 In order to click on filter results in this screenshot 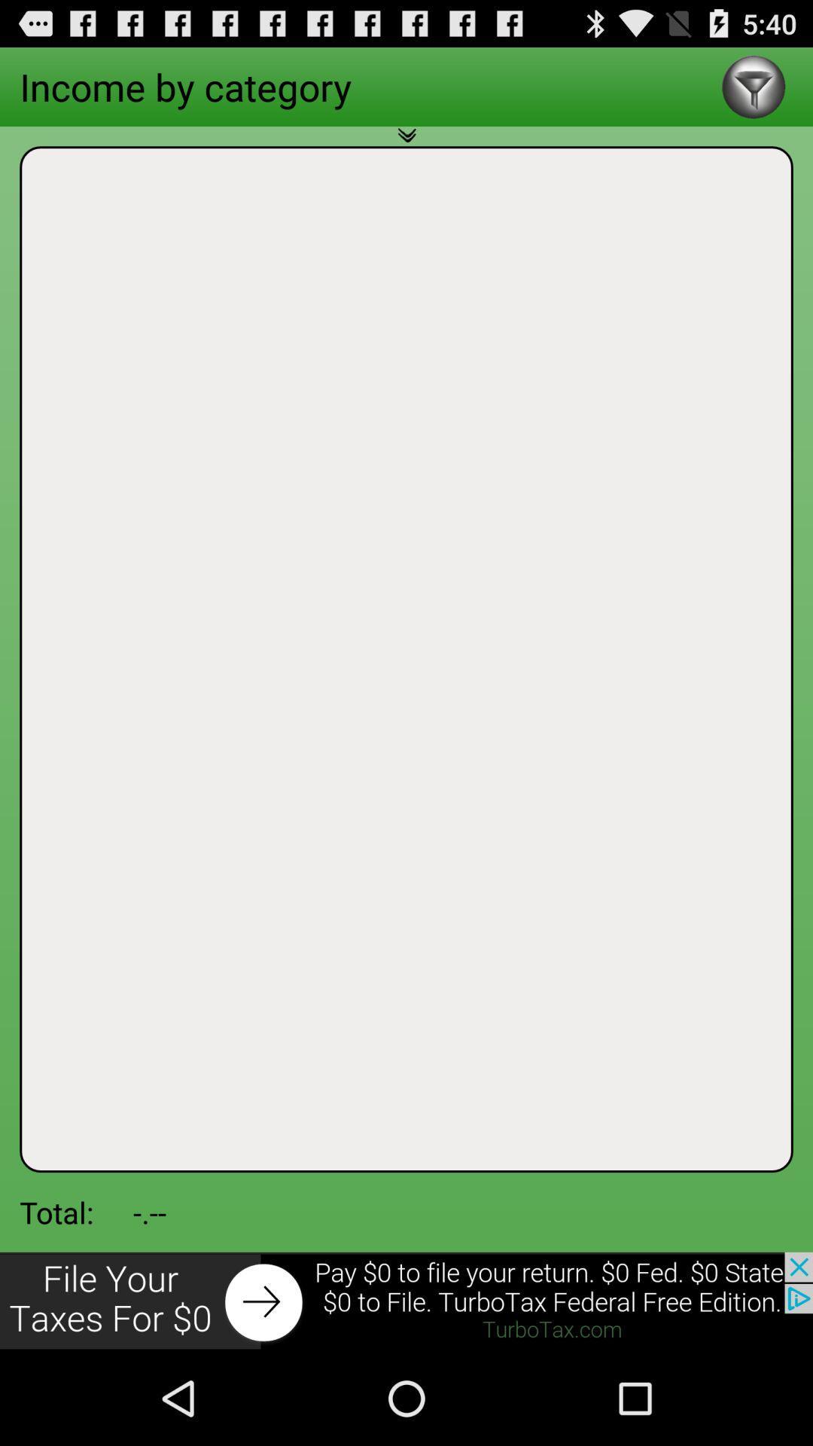, I will do `click(754, 86)`.